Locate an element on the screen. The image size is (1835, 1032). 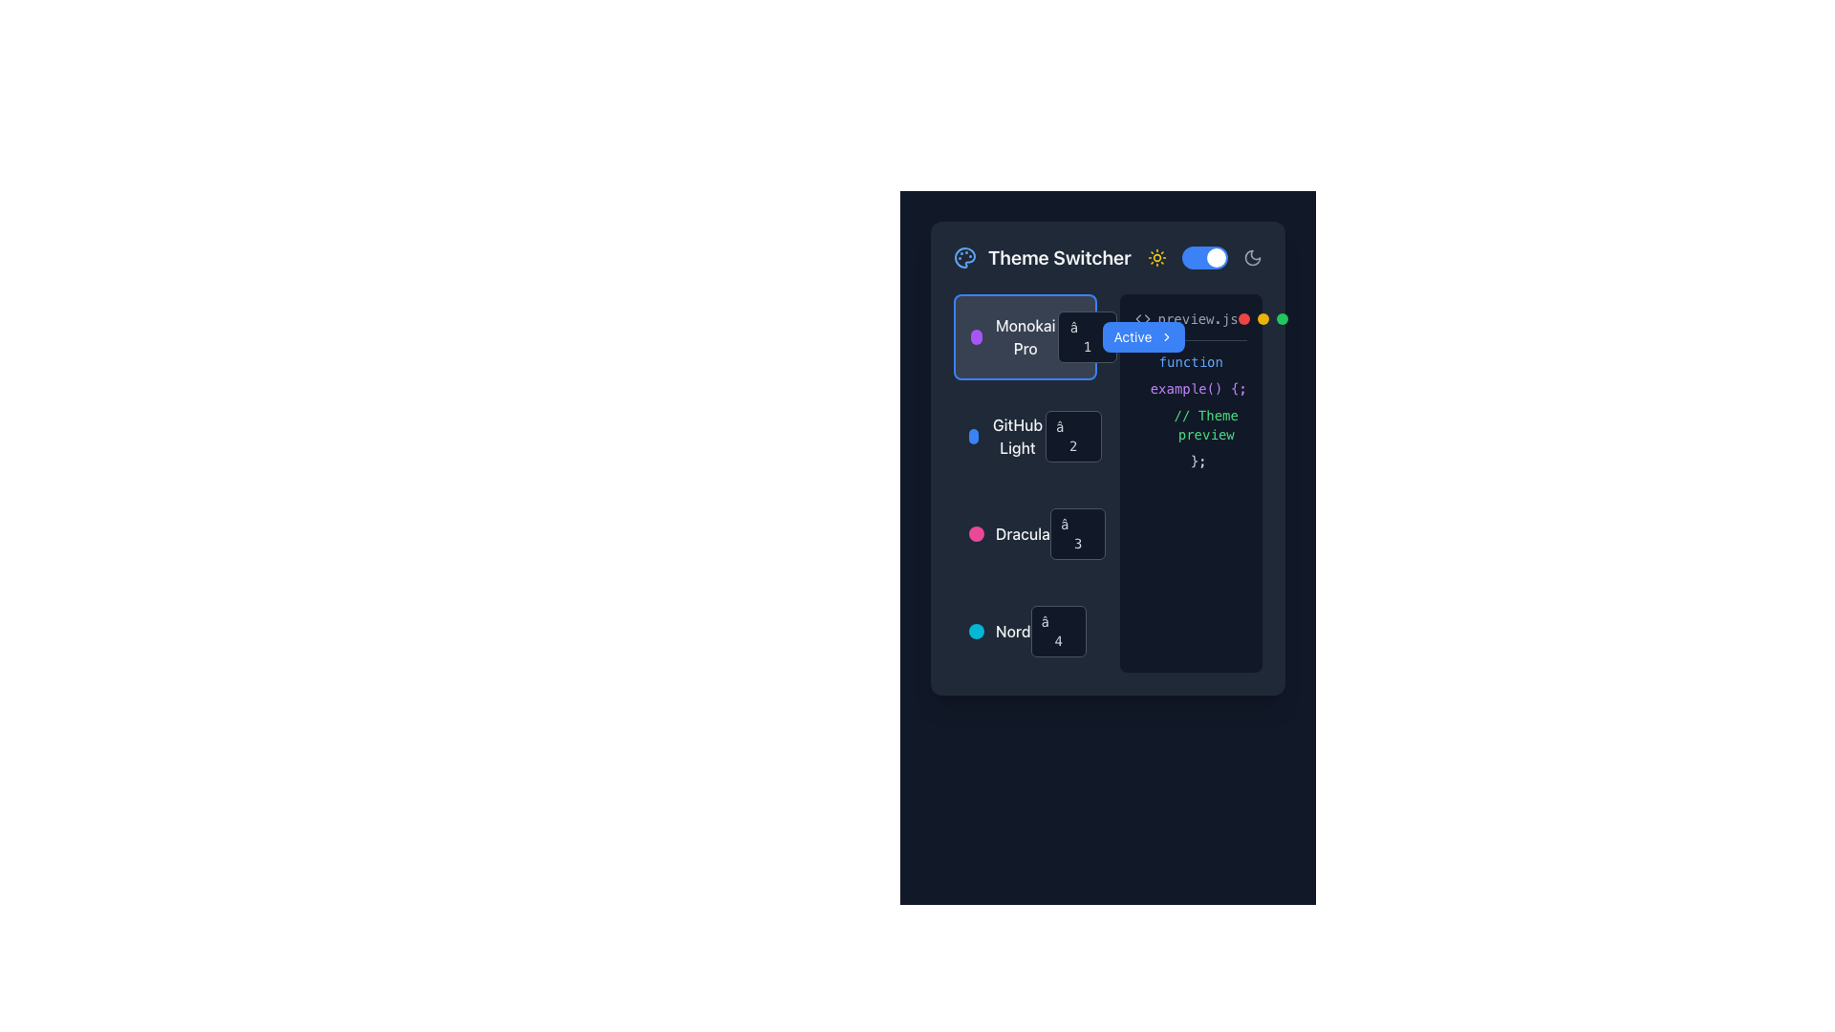
the right-facing chevron icon indicating navigation, located next to the text 'Active' at the center-right of the interface is located at coordinates (1165, 336).